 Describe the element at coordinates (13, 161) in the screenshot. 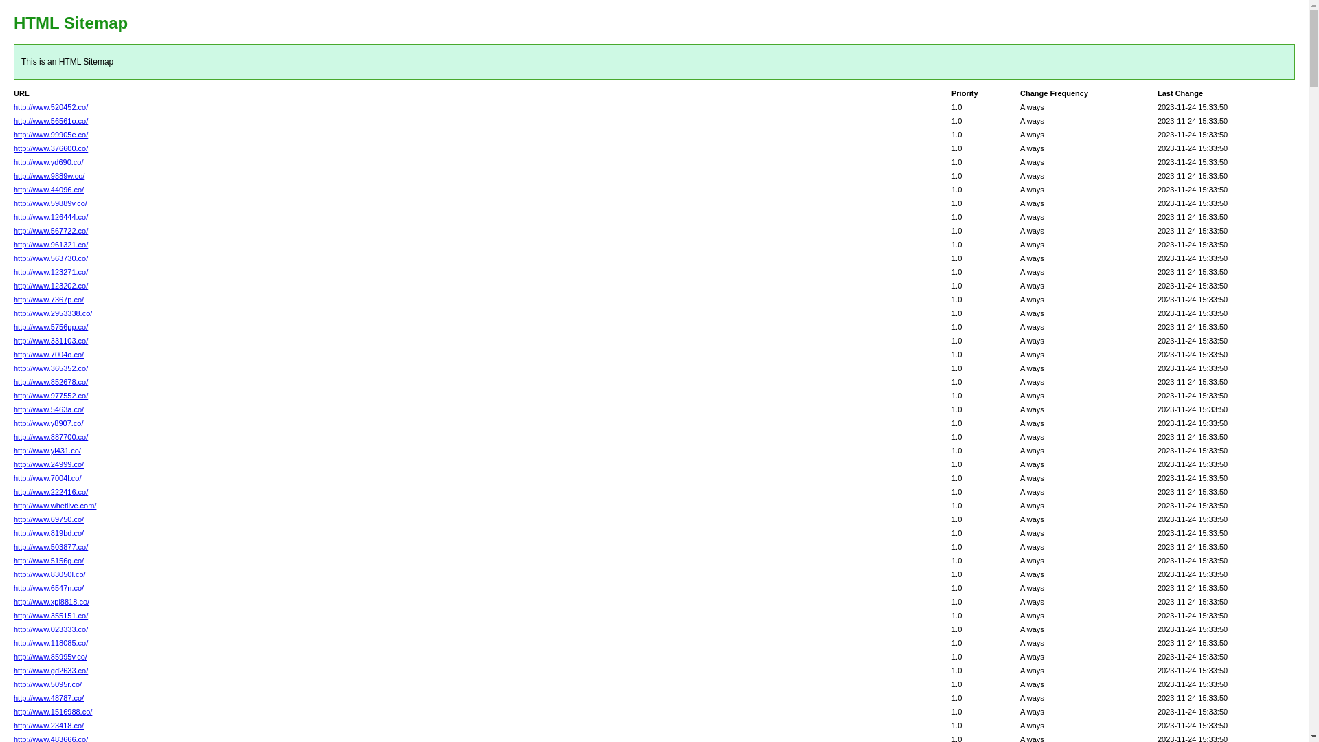

I see `'http://www.yd690.co/'` at that location.